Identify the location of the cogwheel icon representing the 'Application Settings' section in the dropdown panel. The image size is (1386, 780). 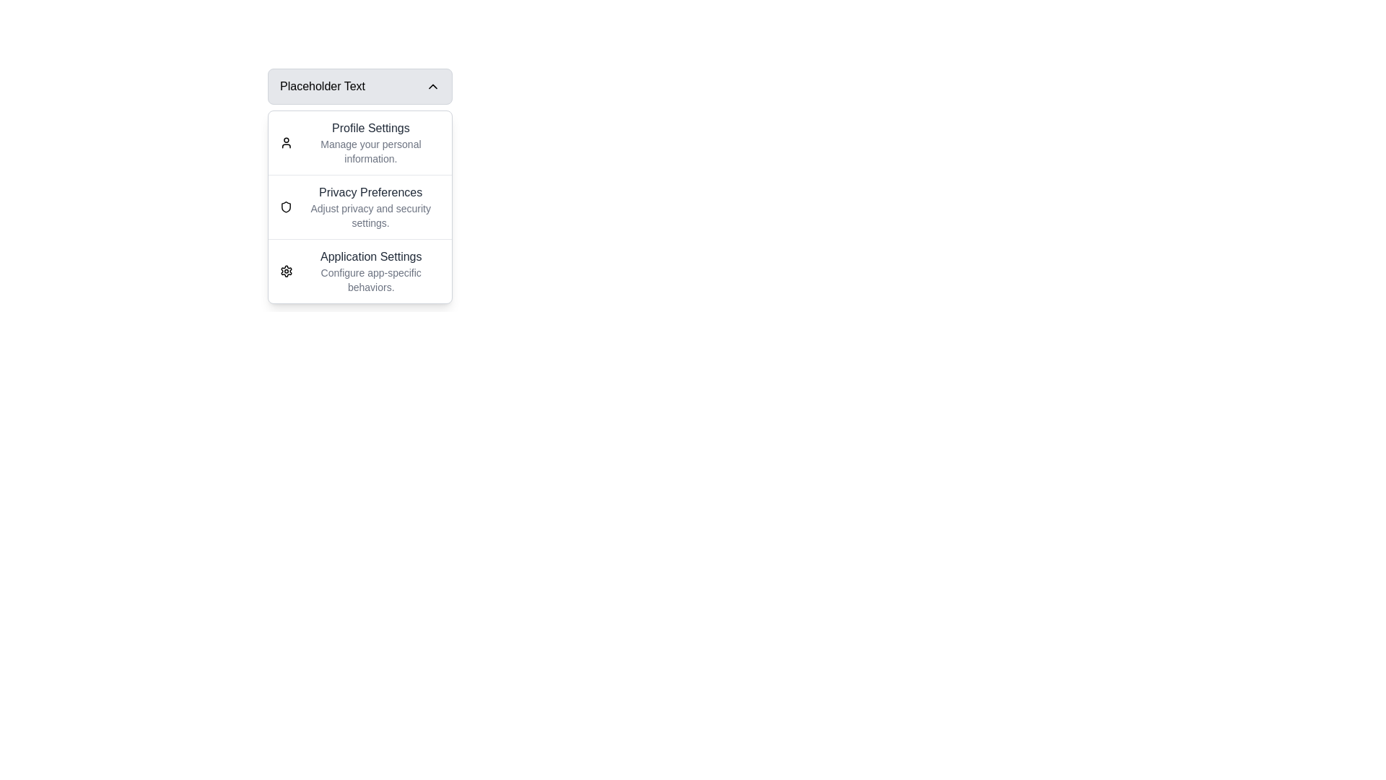
(287, 271).